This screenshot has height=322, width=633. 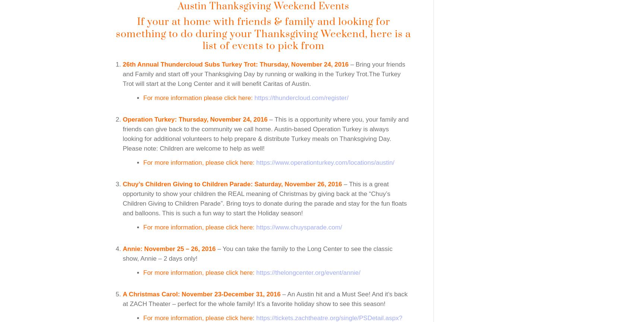 I want to click on 'For more information please click here:', so click(x=197, y=97).